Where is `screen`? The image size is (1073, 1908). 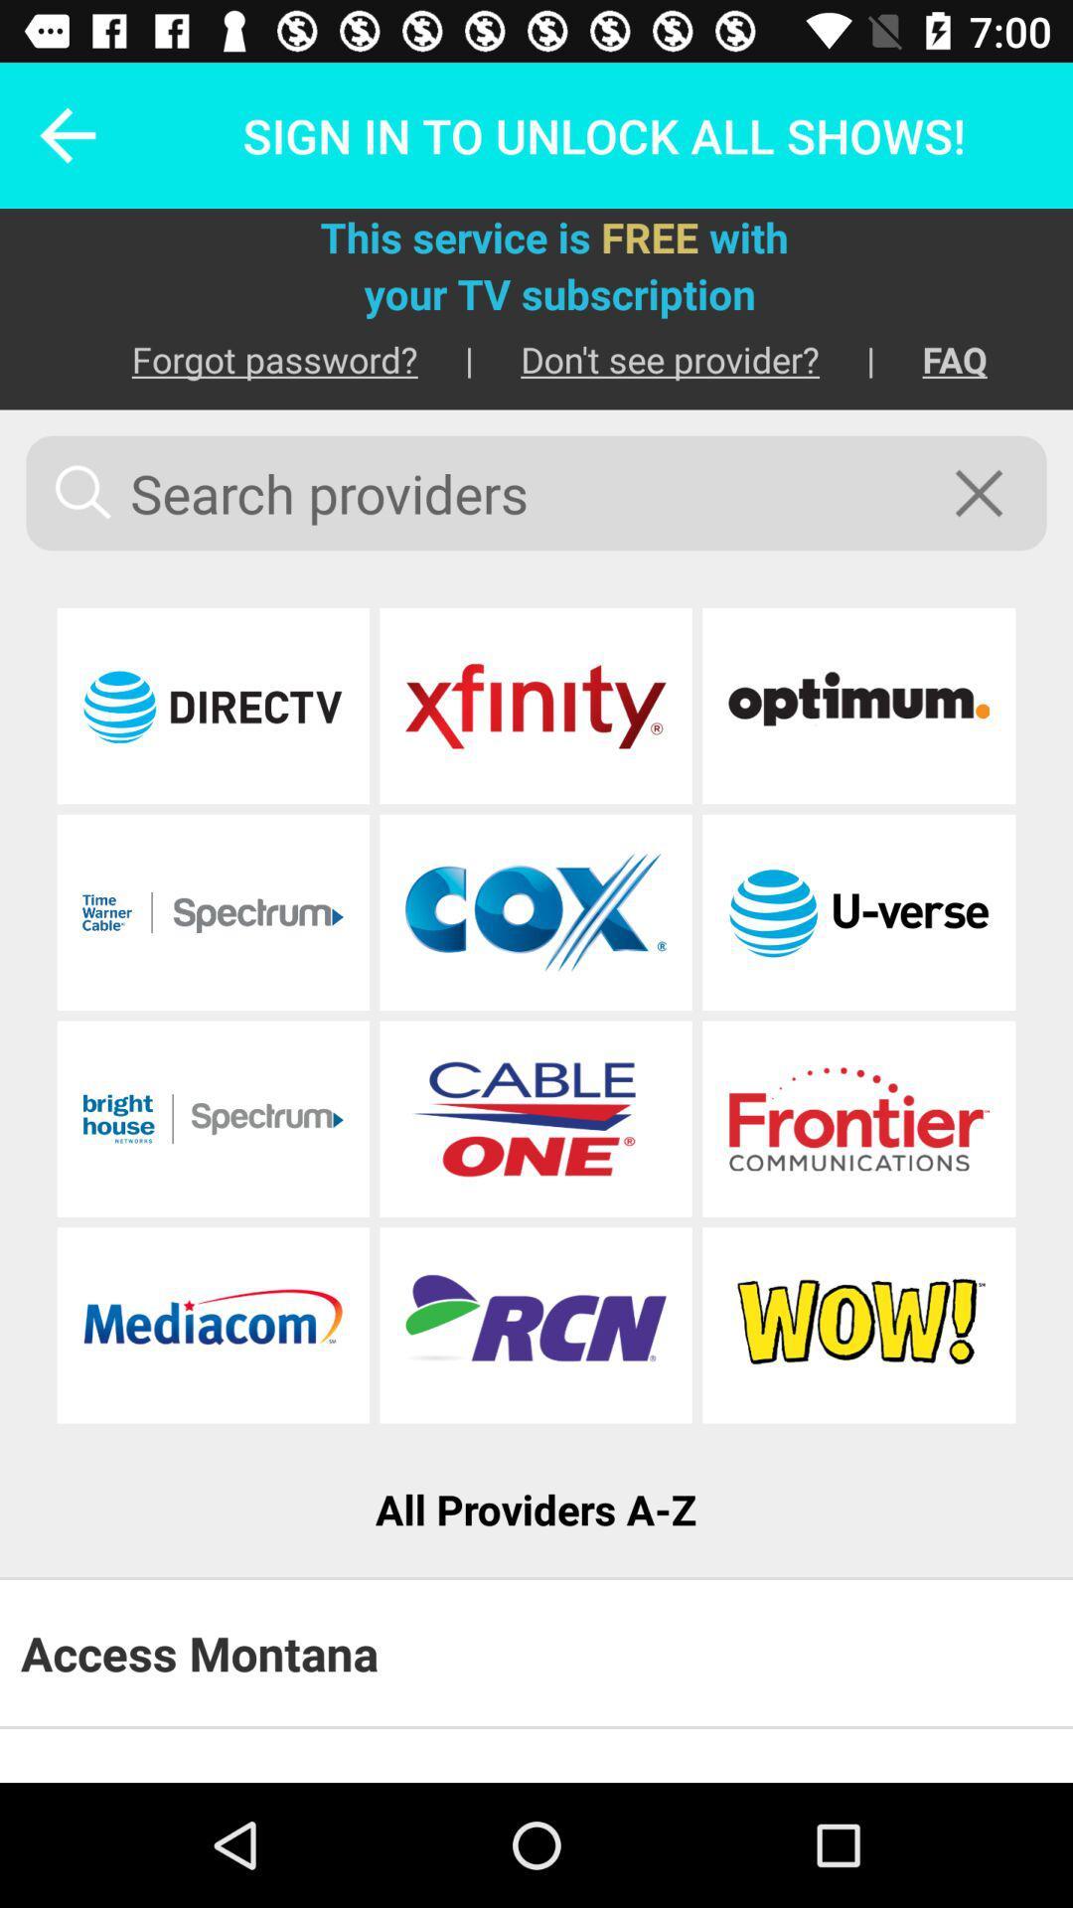 screen is located at coordinates (992, 493).